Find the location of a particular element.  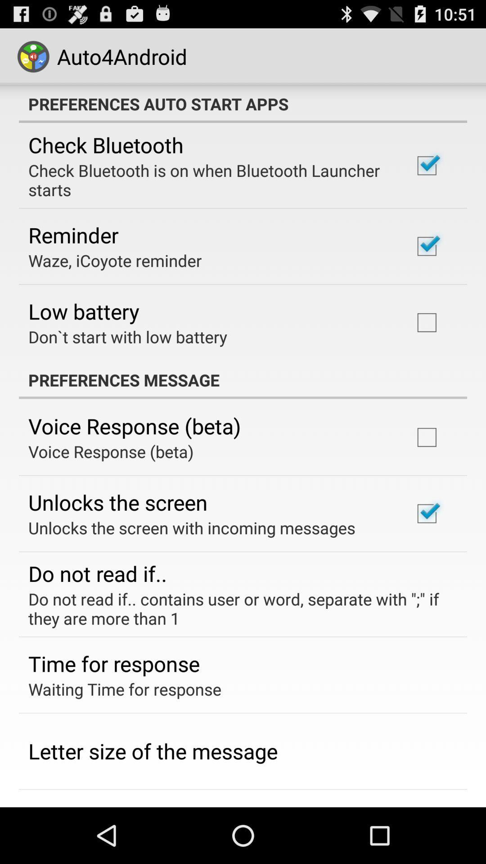

app above voice response (beta) is located at coordinates (243, 380).